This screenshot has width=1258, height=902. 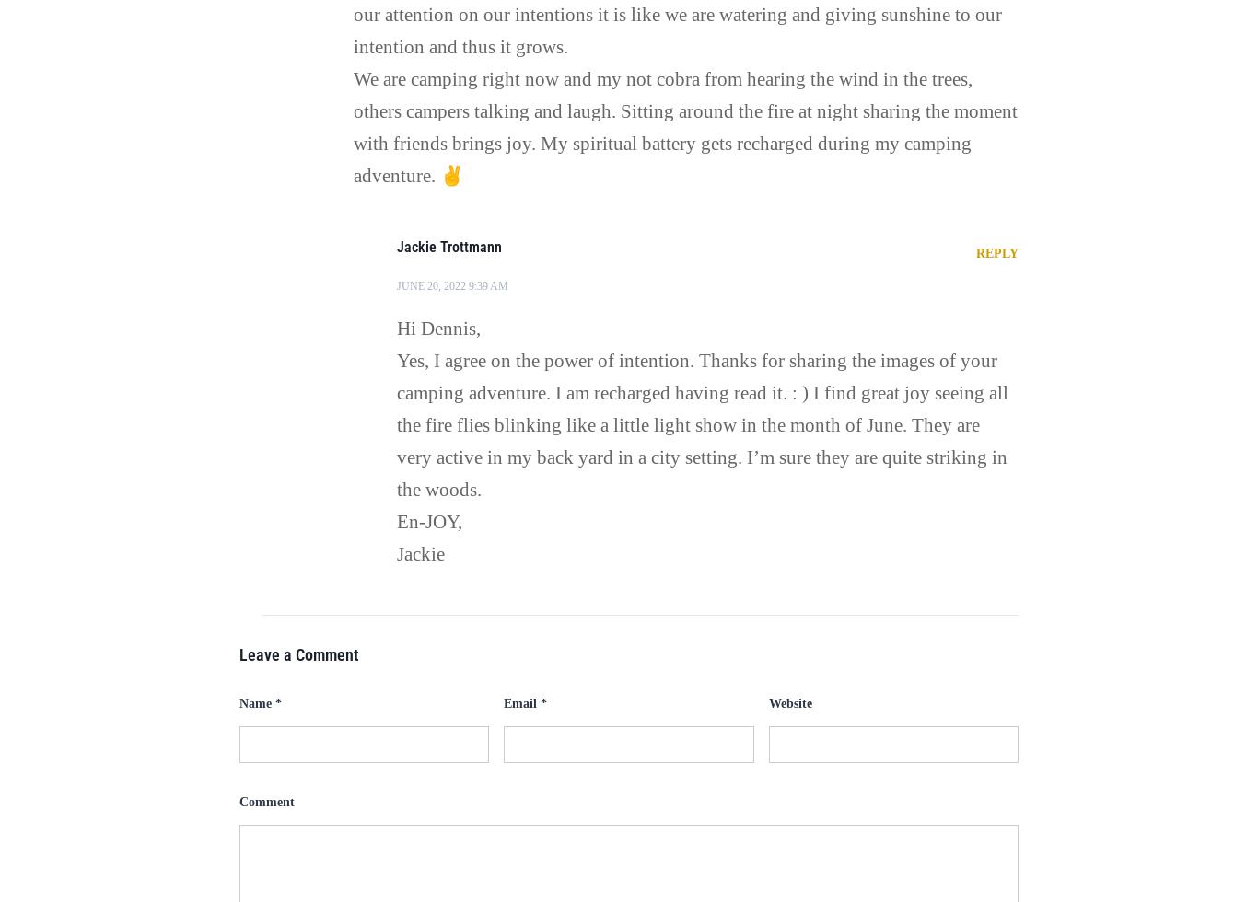 I want to click on 'Jackie', so click(x=421, y=553).